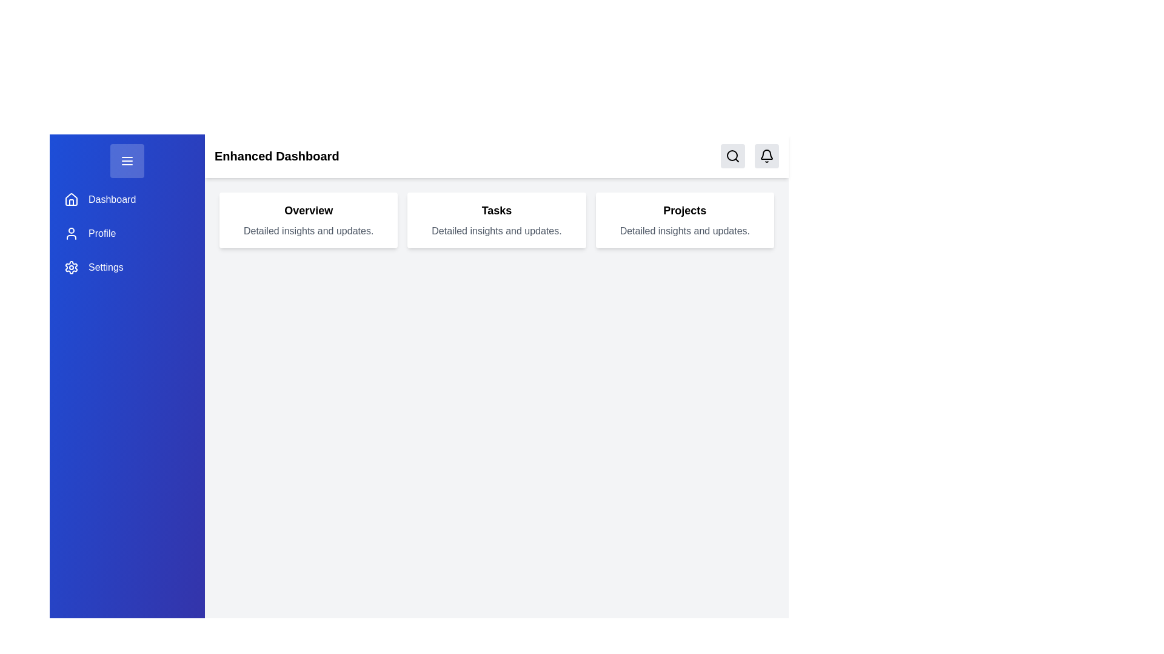  I want to click on the Profile Icon located in the sidebar menu, so click(71, 233).